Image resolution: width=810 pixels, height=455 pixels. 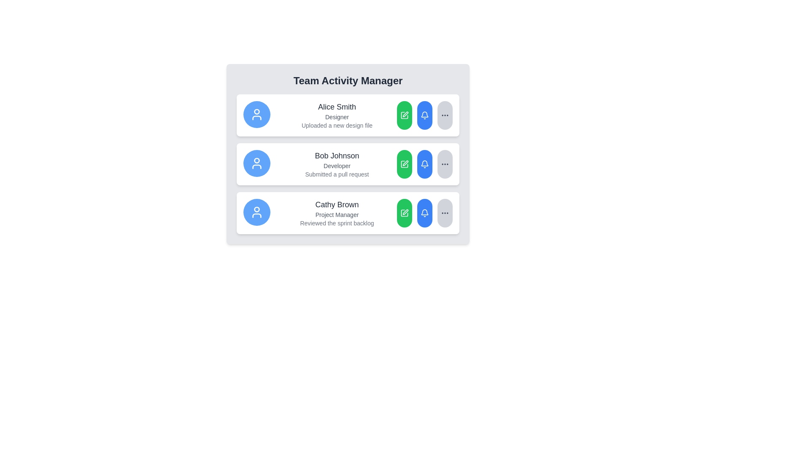 What do you see at coordinates (256, 209) in the screenshot?
I see `the circular graphical representation of the user profile icon for 'Cathy Brown' located in the third row of the interface` at bounding box center [256, 209].